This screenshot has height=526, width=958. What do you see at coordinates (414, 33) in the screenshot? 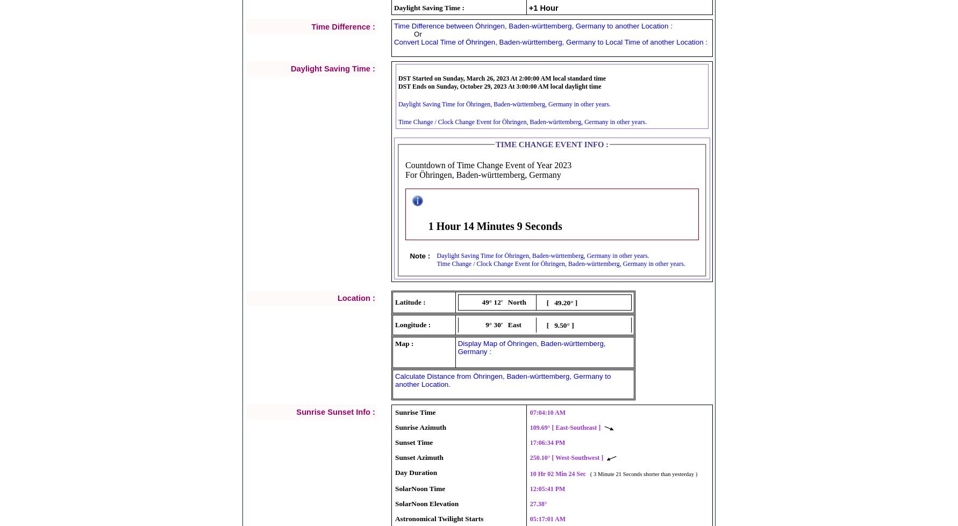
I see `'Or'` at bounding box center [414, 33].